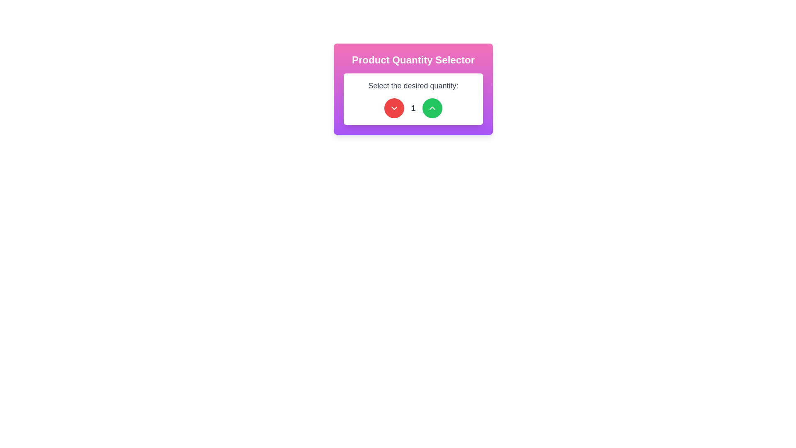 This screenshot has width=796, height=448. What do you see at coordinates (394, 108) in the screenshot?
I see `the red circular button with a downward-pointing chevron icon located in the product quantity selection section` at bounding box center [394, 108].